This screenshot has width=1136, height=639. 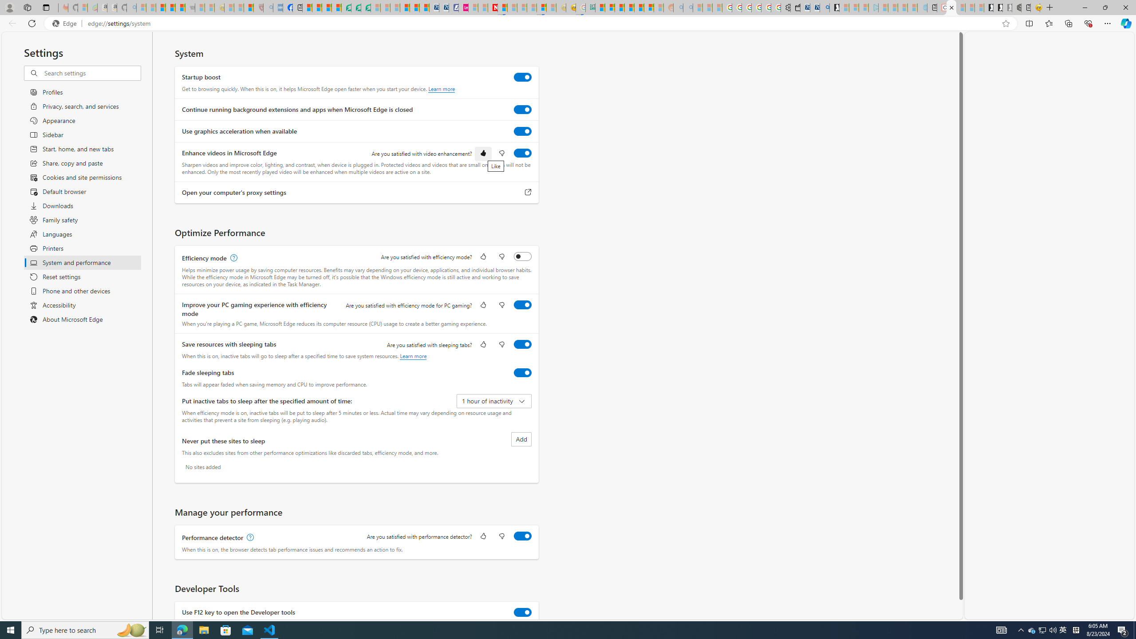 What do you see at coordinates (248, 537) in the screenshot?
I see `'Performance detector, learn more'` at bounding box center [248, 537].